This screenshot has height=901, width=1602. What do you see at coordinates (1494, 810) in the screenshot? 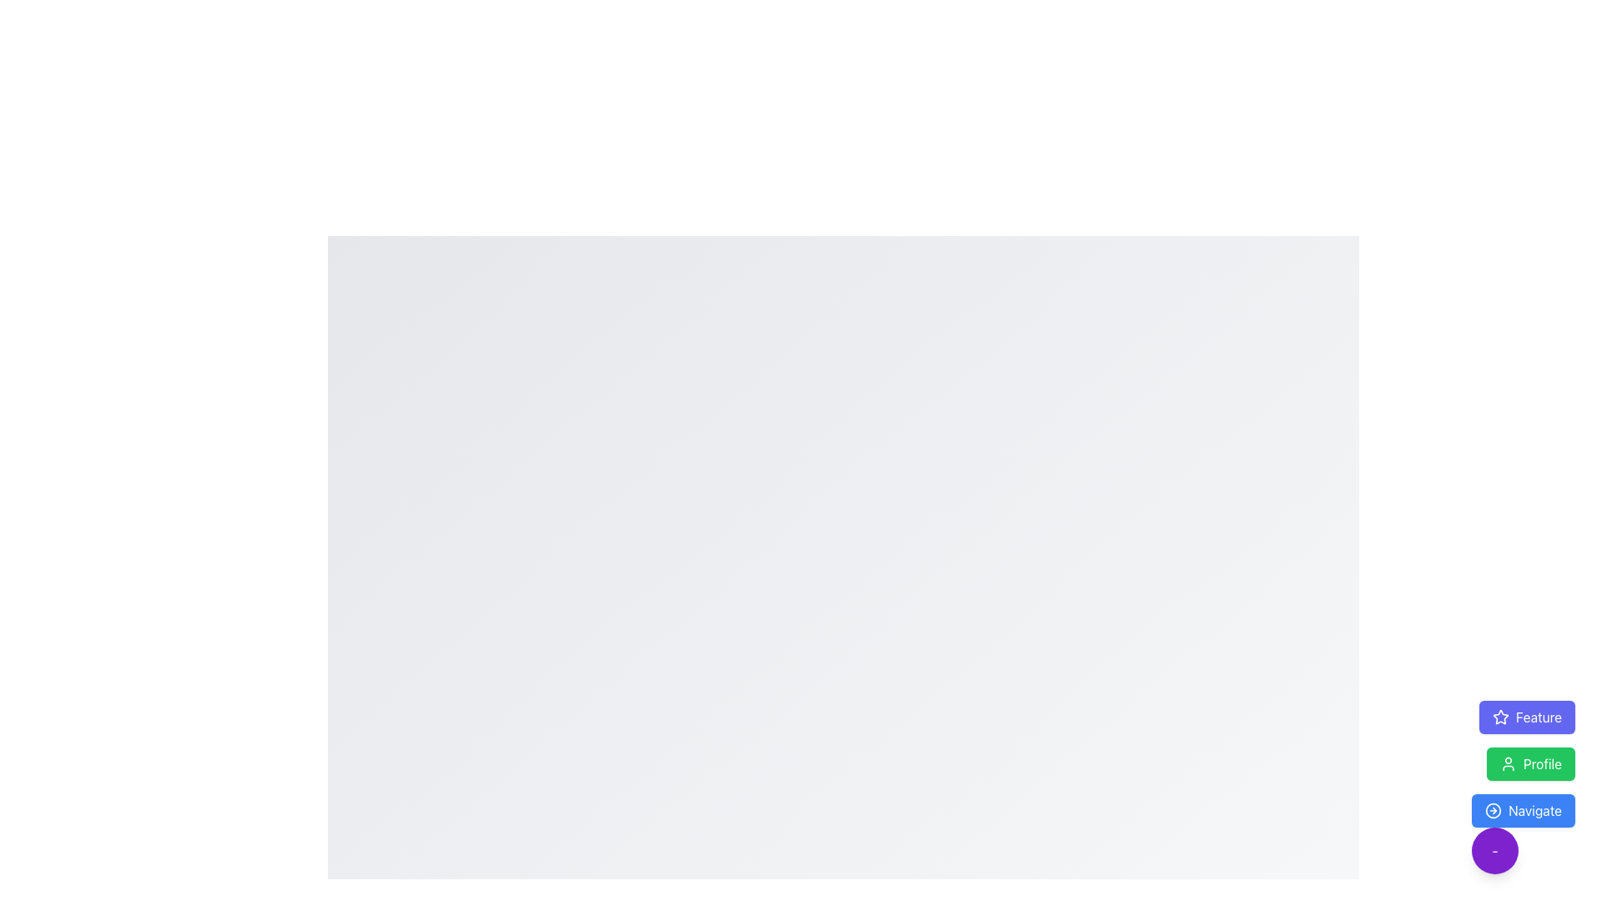
I see `the Decorative Icon, which is a circular icon with an arrow pointing to the right, located to the left of the text inside the 'Navigate' button at the bottom right of the interface` at bounding box center [1494, 810].